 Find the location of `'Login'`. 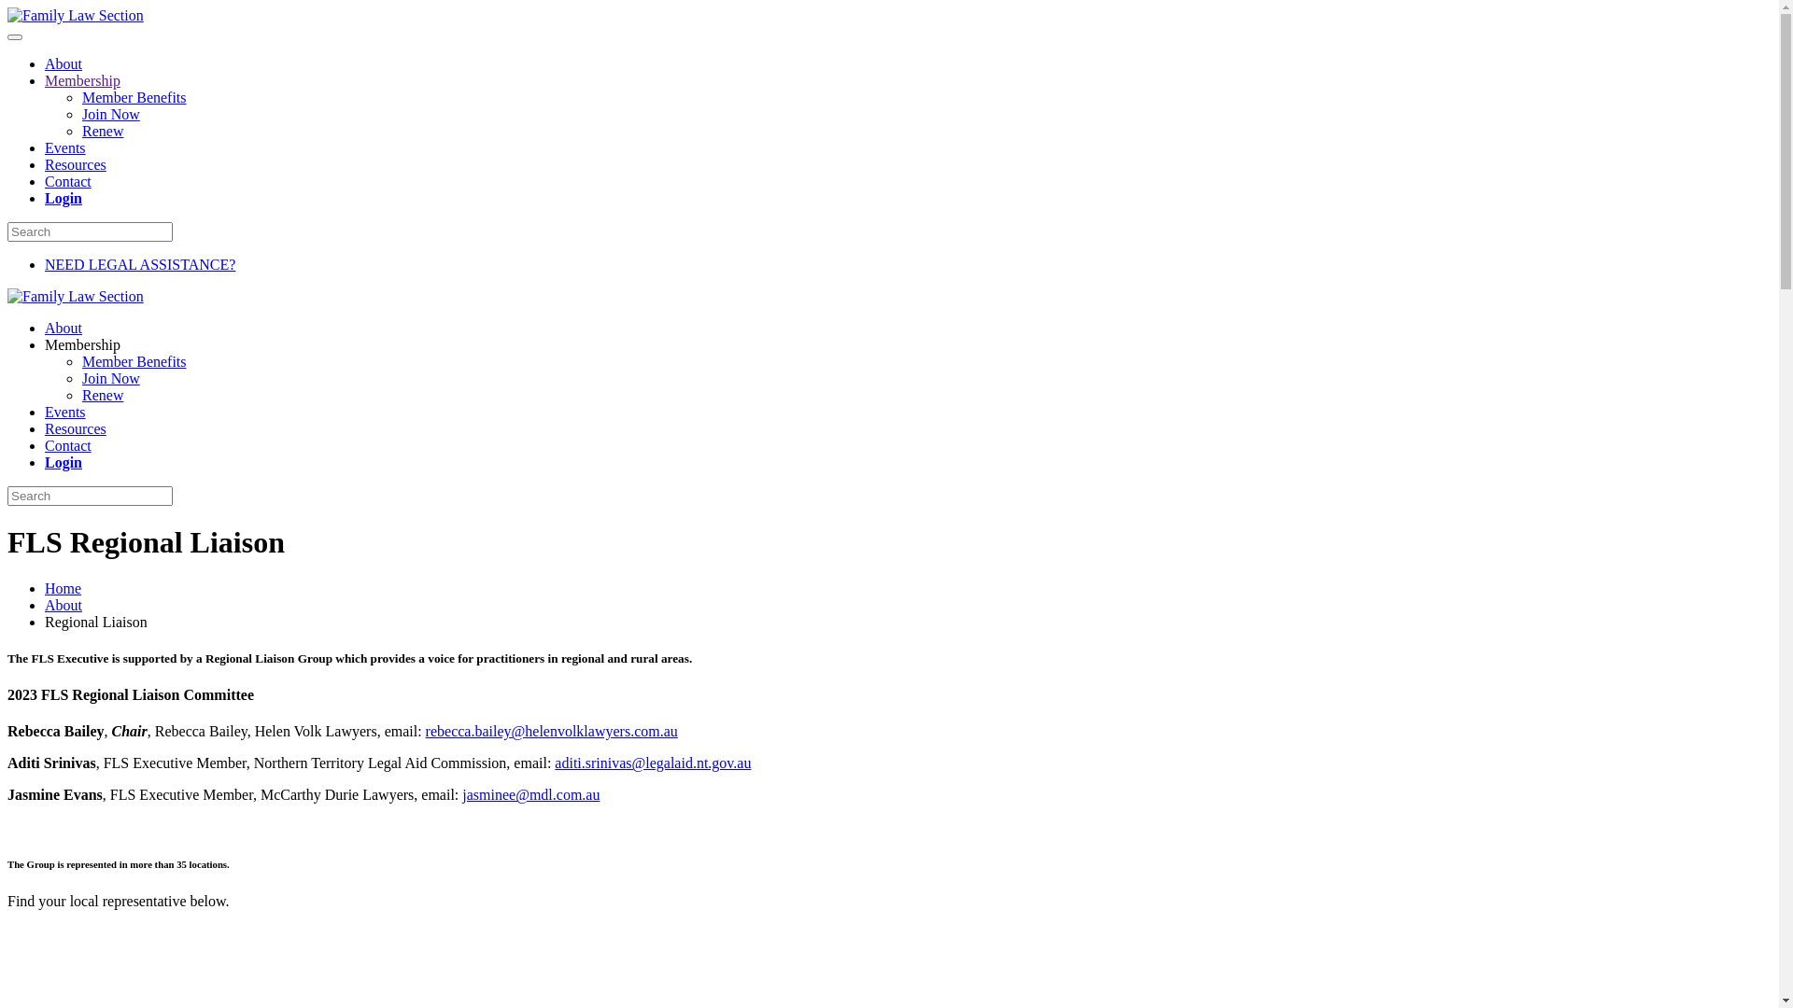

'Login' is located at coordinates (63, 462).